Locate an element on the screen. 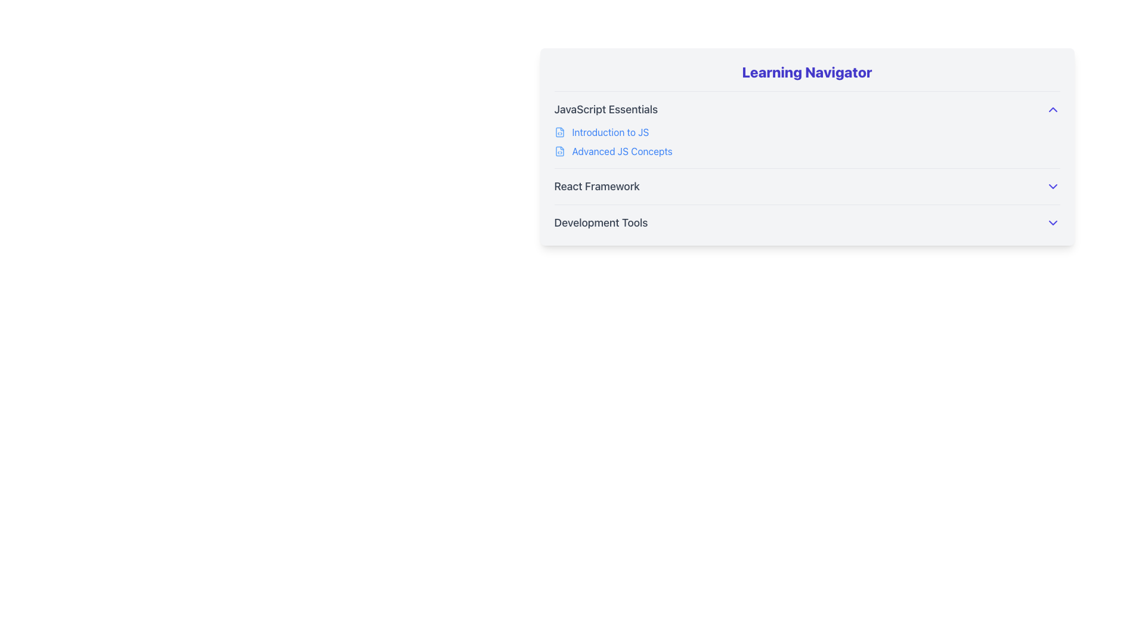 This screenshot has width=1145, height=644. the Chevron/Arrow icon in the header of the 'JavaScript Essentials' section is located at coordinates (1053, 110).